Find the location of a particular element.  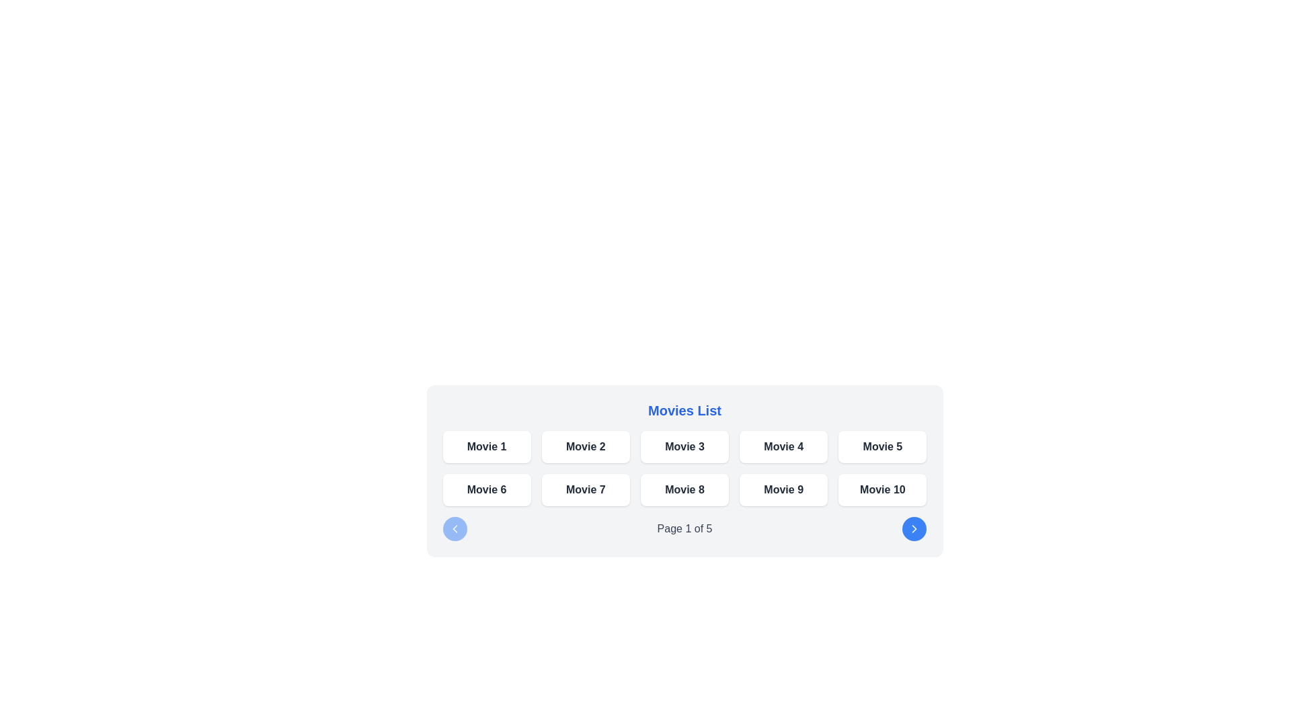

the static text label for the movie entry located in the 3rd position of the first row within the 'Movies List' grid is located at coordinates (684, 446).